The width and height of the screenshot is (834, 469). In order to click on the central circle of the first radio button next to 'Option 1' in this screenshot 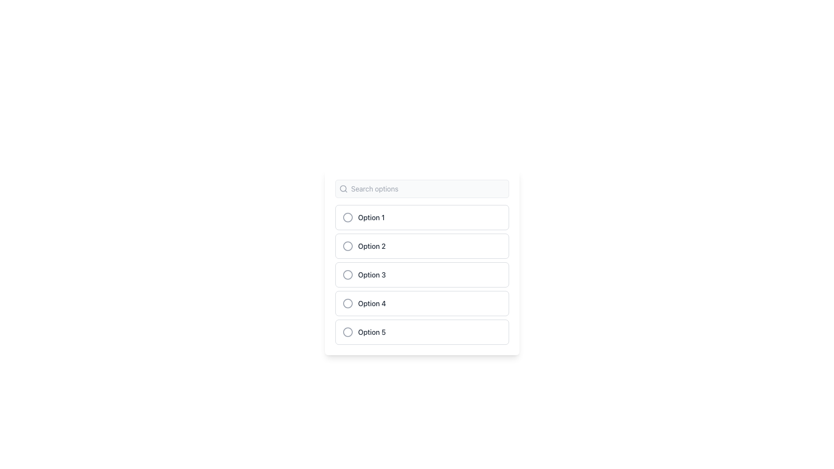, I will do `click(347, 217)`.